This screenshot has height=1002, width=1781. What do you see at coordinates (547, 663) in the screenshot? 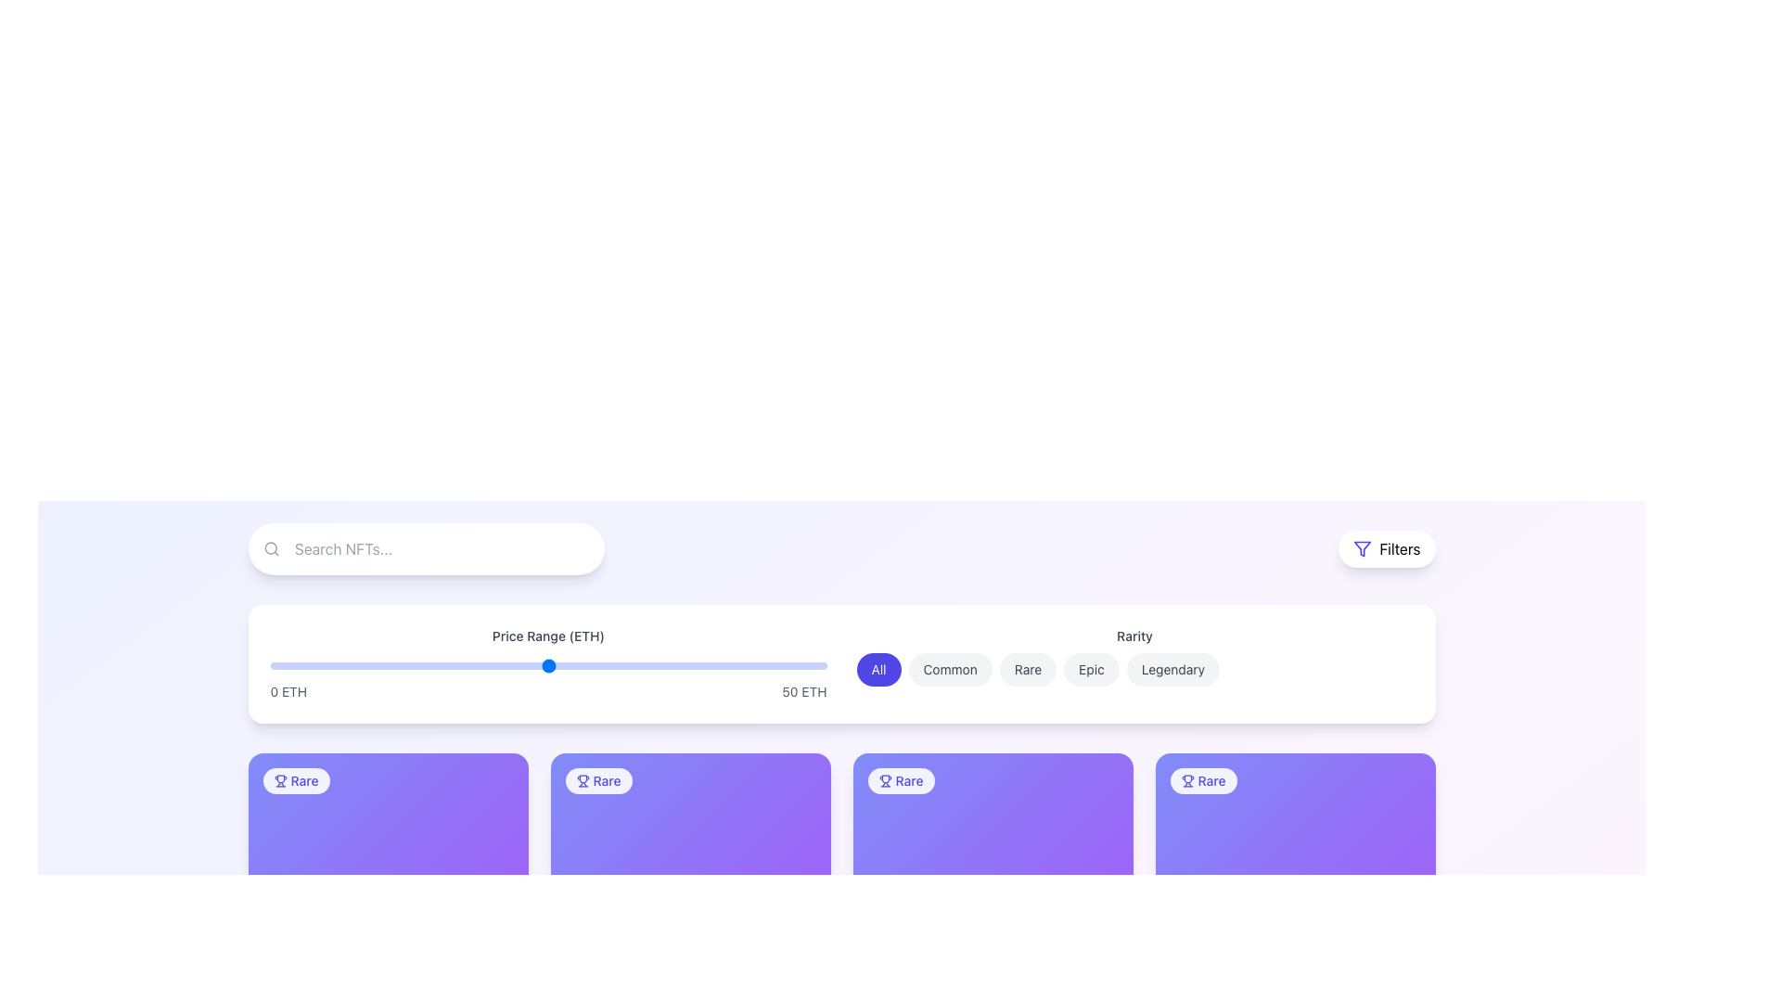
I see `the range slider thumb located below the title 'Search NFTs...'` at bounding box center [547, 663].